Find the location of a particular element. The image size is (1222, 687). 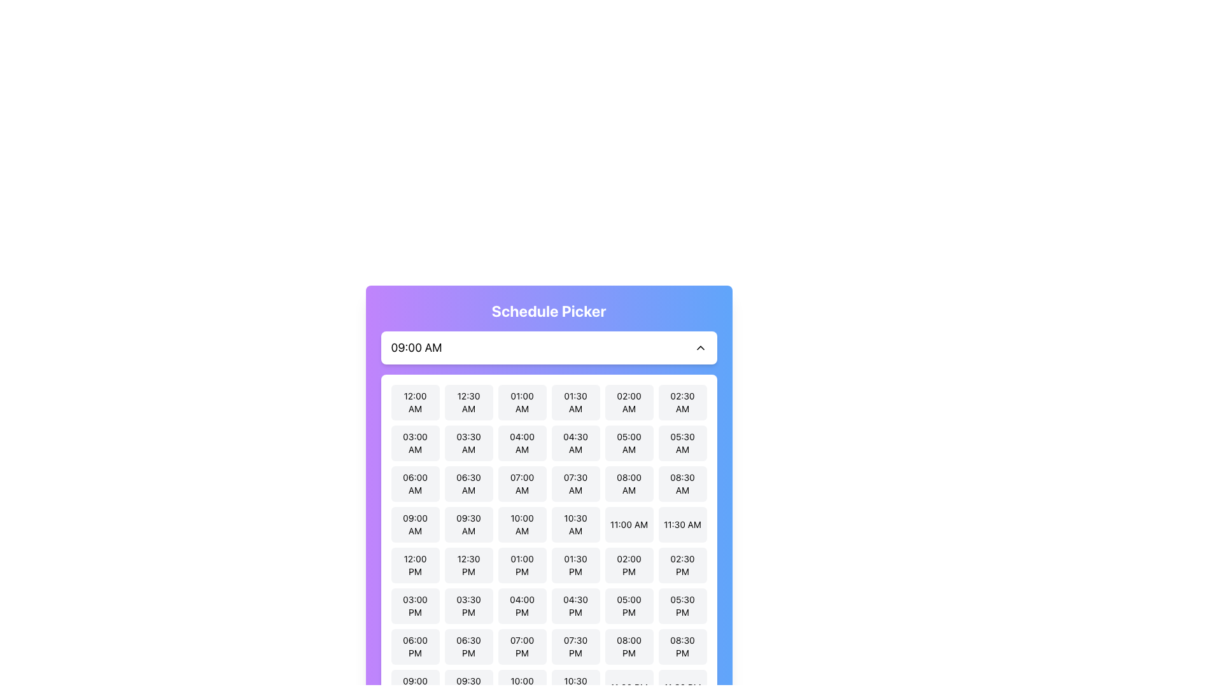

the button that allows the user to select the time '03:00 AM' in the schedule picker, positioned in the second row, first column of the grid layout is located at coordinates (415, 443).